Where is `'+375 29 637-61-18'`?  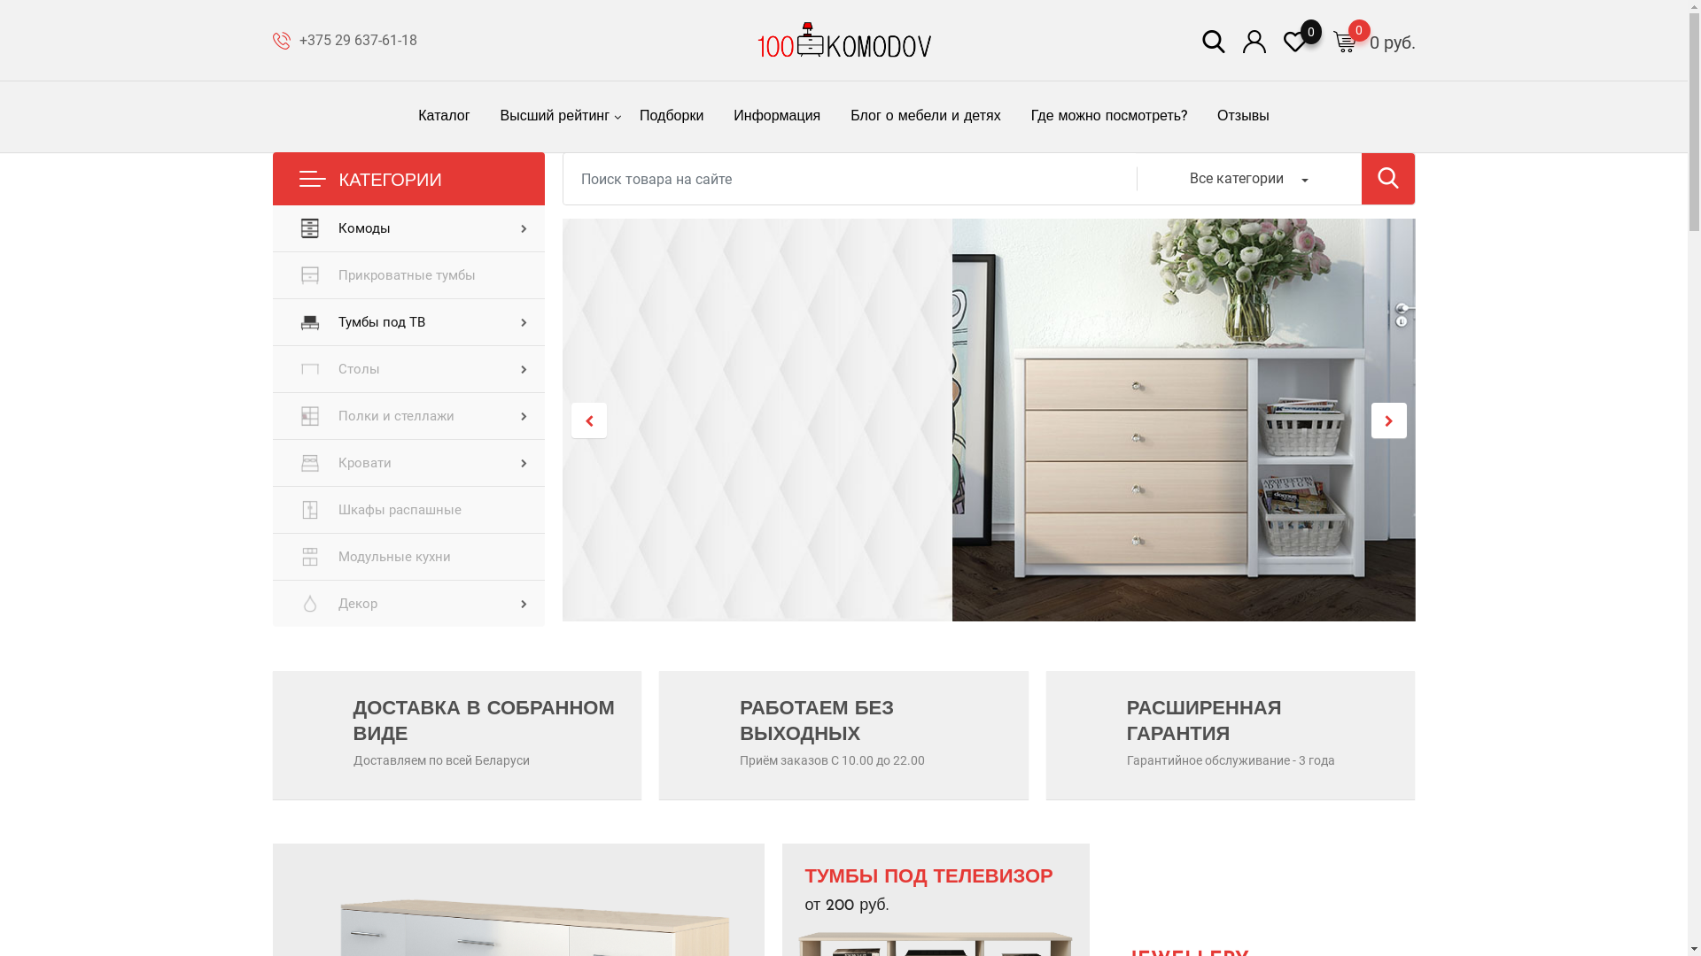 '+375 29 637-61-18' is located at coordinates (299, 40).